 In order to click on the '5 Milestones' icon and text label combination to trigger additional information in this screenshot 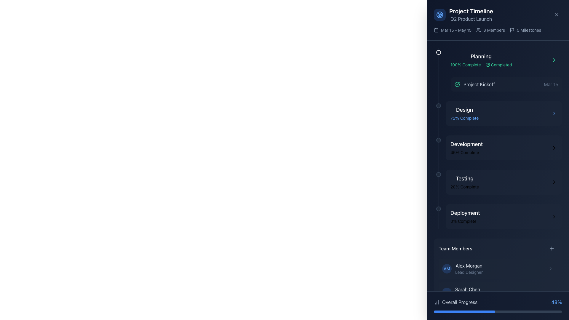, I will do `click(525, 30)`.